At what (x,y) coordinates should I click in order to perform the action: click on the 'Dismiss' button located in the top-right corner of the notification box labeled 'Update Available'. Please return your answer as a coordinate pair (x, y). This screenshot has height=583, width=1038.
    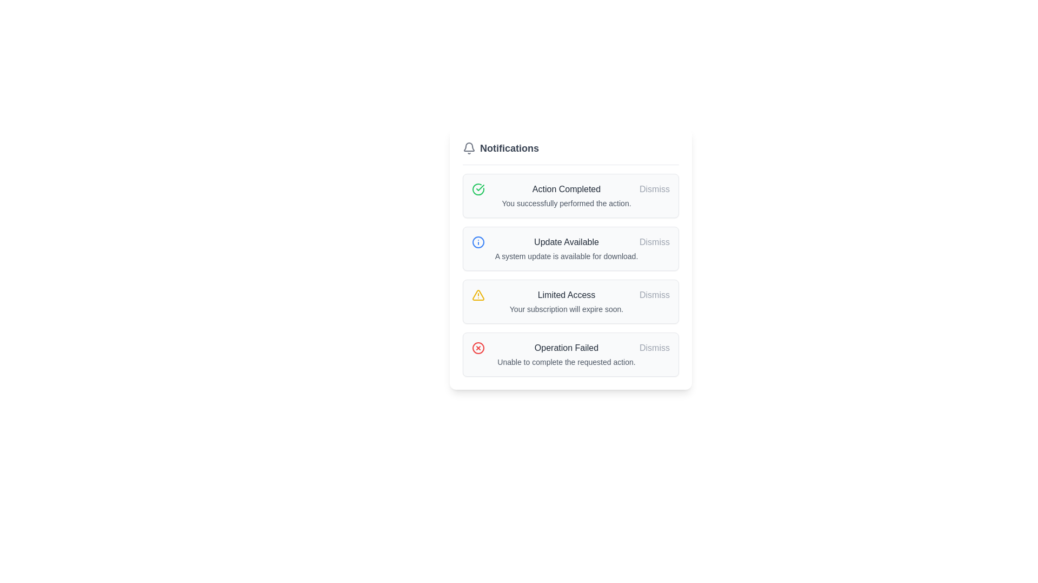
    Looking at the image, I should click on (654, 241).